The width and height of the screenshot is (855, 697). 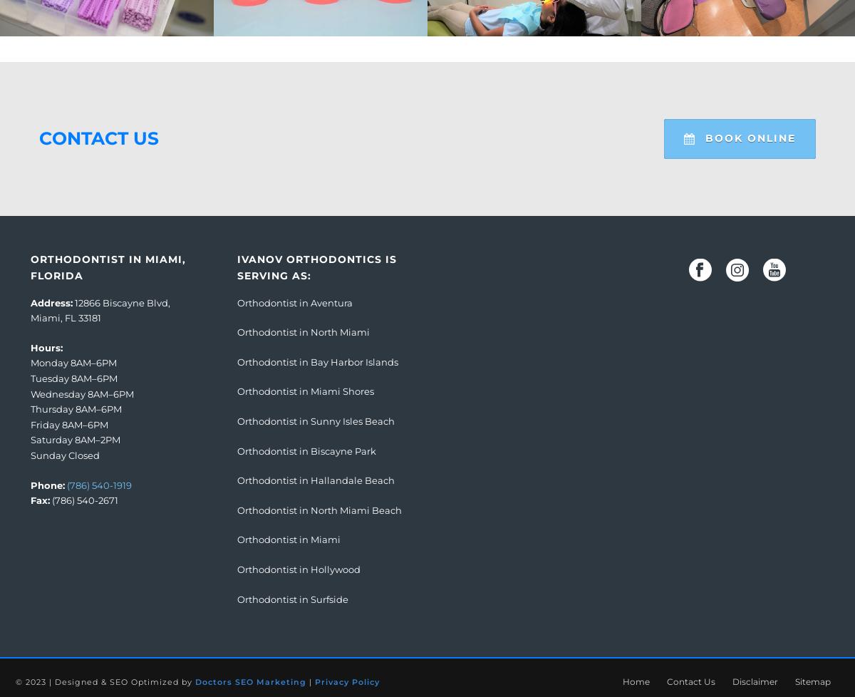 What do you see at coordinates (100, 309) in the screenshot?
I see `'12866 Biscayne Blvd, Miami, FL 33181'` at bounding box center [100, 309].